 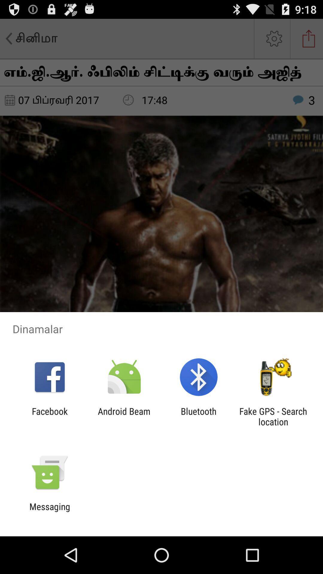 What do you see at coordinates (199, 416) in the screenshot?
I see `the bluetooth item` at bounding box center [199, 416].